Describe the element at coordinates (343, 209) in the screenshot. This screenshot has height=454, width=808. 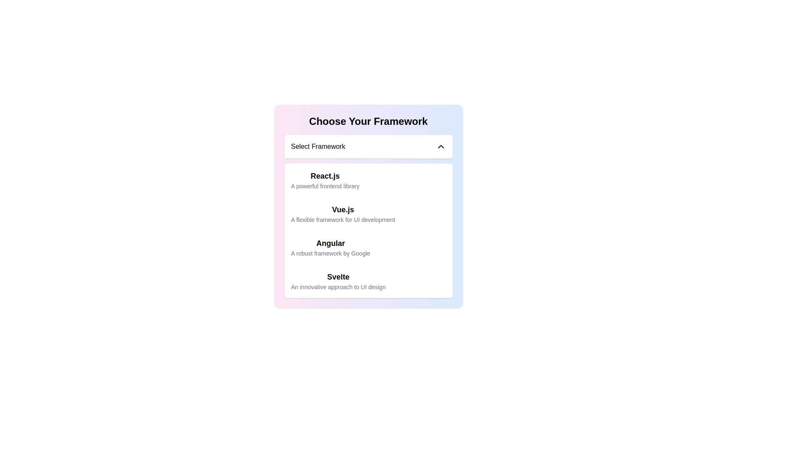
I see `the text label displaying 'Vue.js', which is located under the header 'Choose Your Framework' and follows 'React.js'` at that location.